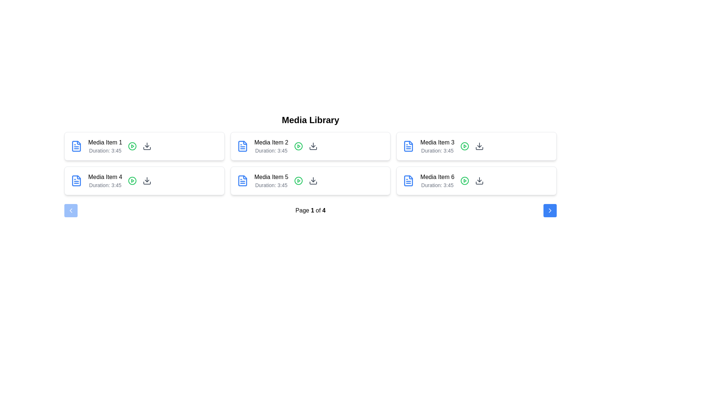 Image resolution: width=706 pixels, height=397 pixels. I want to click on the Download icon, which is a gray download icon with an outlined arrow pointing downward, located next to the green play icon to the right of the 'Media Item 4' text, so click(147, 181).